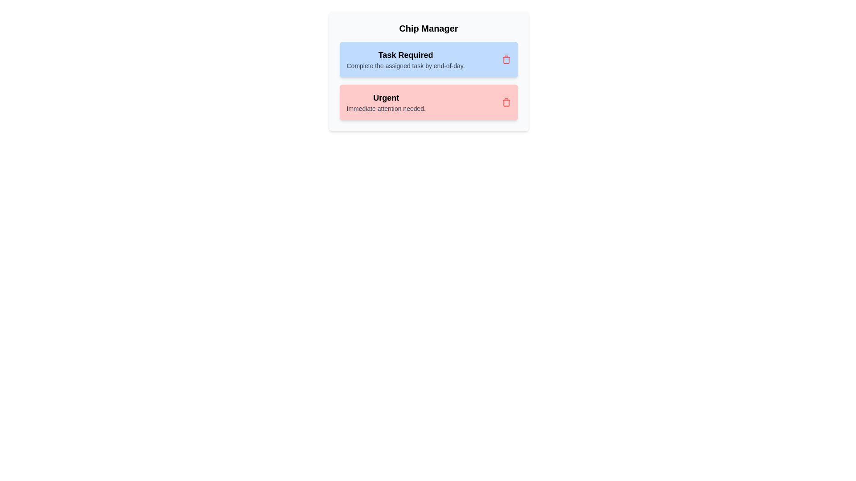 The width and height of the screenshot is (856, 481). Describe the element at coordinates (506, 60) in the screenshot. I see `the delete button of the chip labeled 'Task Required'` at that location.